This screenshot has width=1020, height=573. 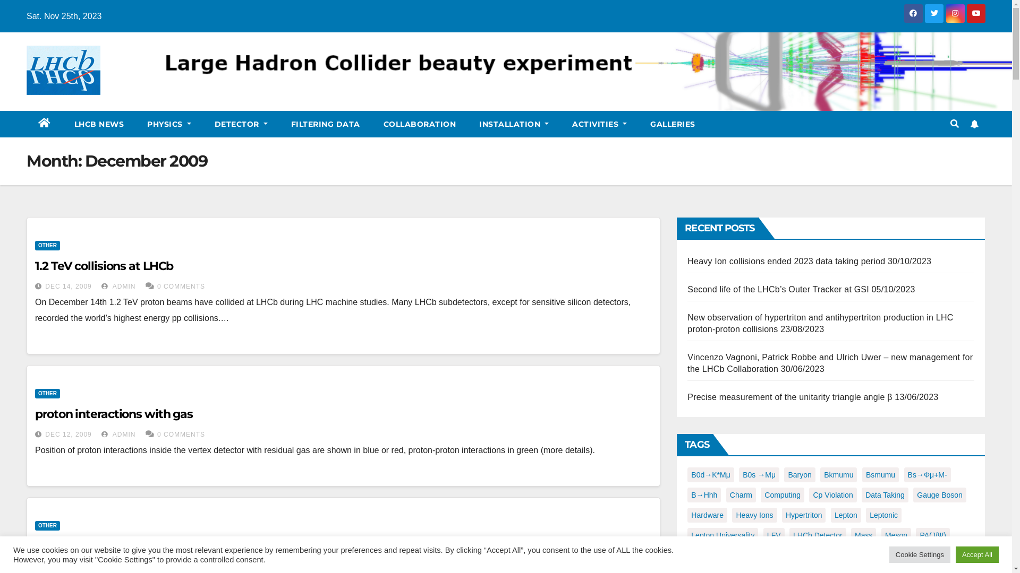 I want to click on 'COLLABORATION', so click(x=419, y=124).